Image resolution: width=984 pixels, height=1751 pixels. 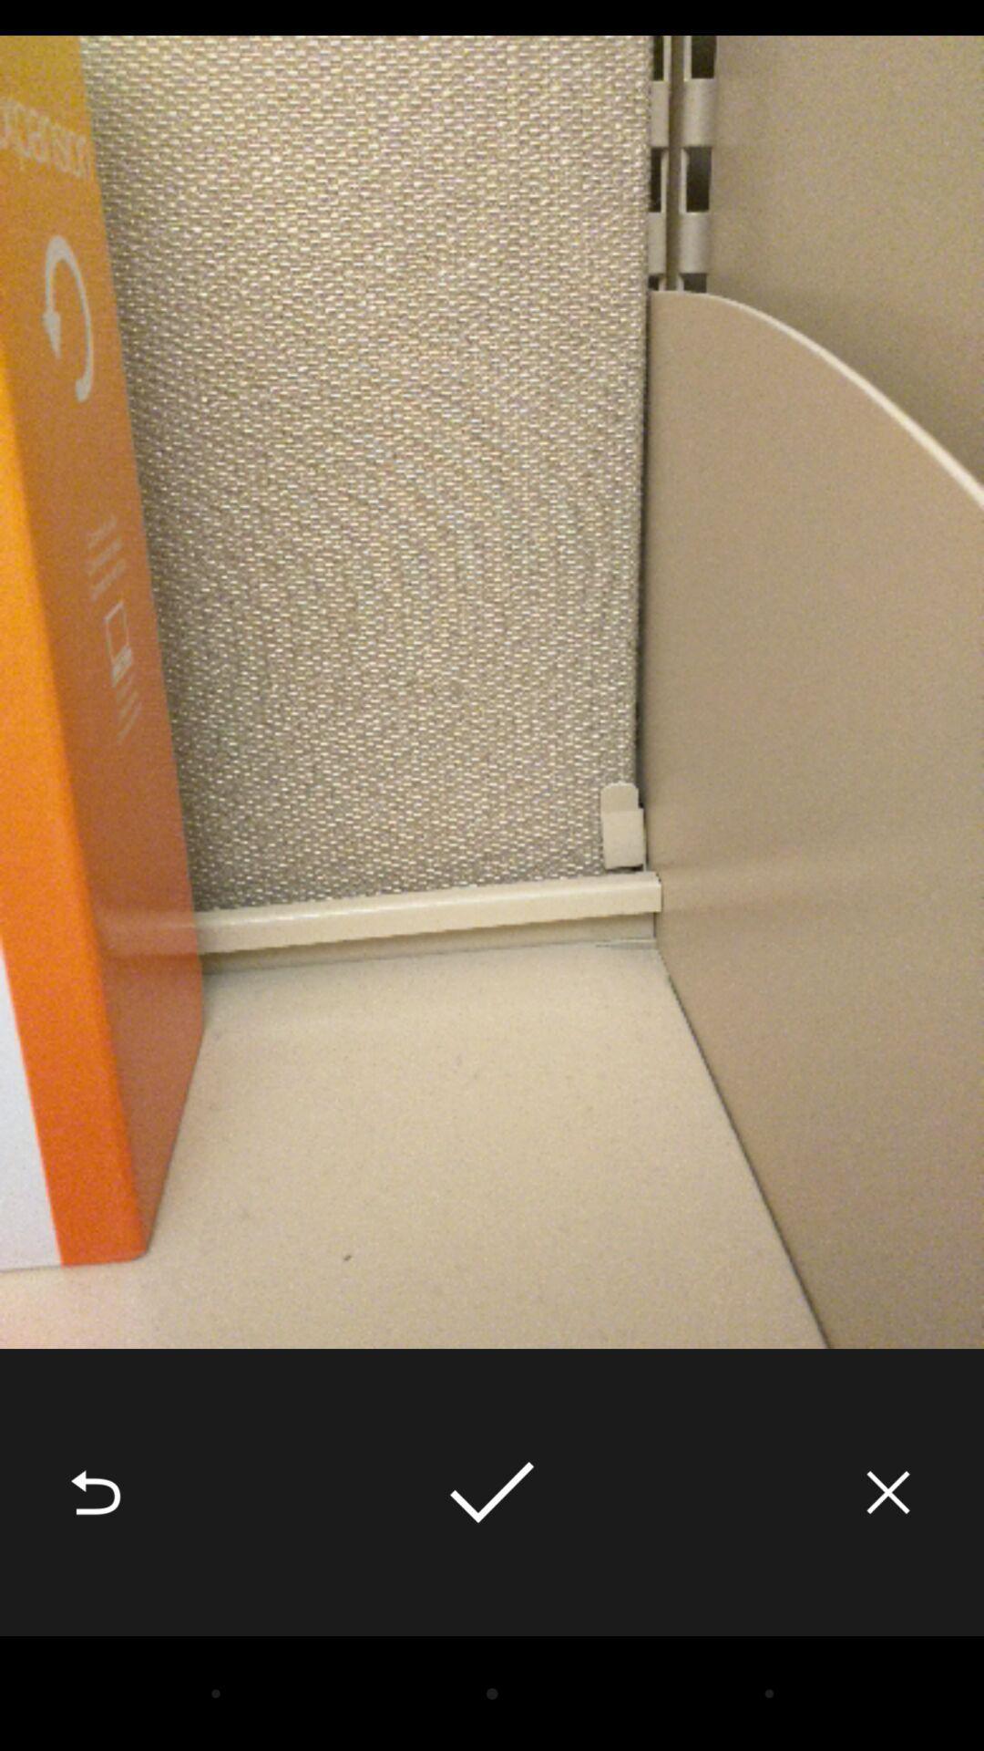 What do you see at coordinates (887, 1492) in the screenshot?
I see `item at the bottom right corner` at bounding box center [887, 1492].